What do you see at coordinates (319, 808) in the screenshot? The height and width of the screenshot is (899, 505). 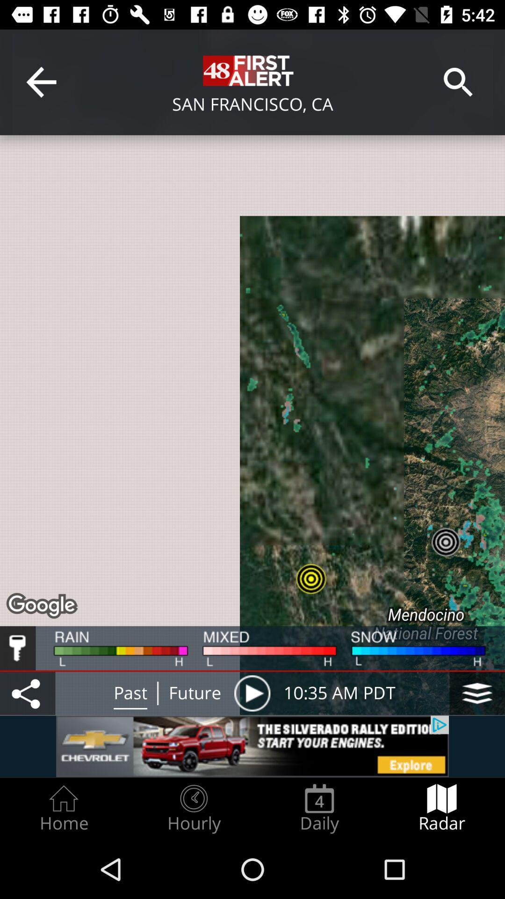 I see `icon to the right of the hourly radio button` at bounding box center [319, 808].